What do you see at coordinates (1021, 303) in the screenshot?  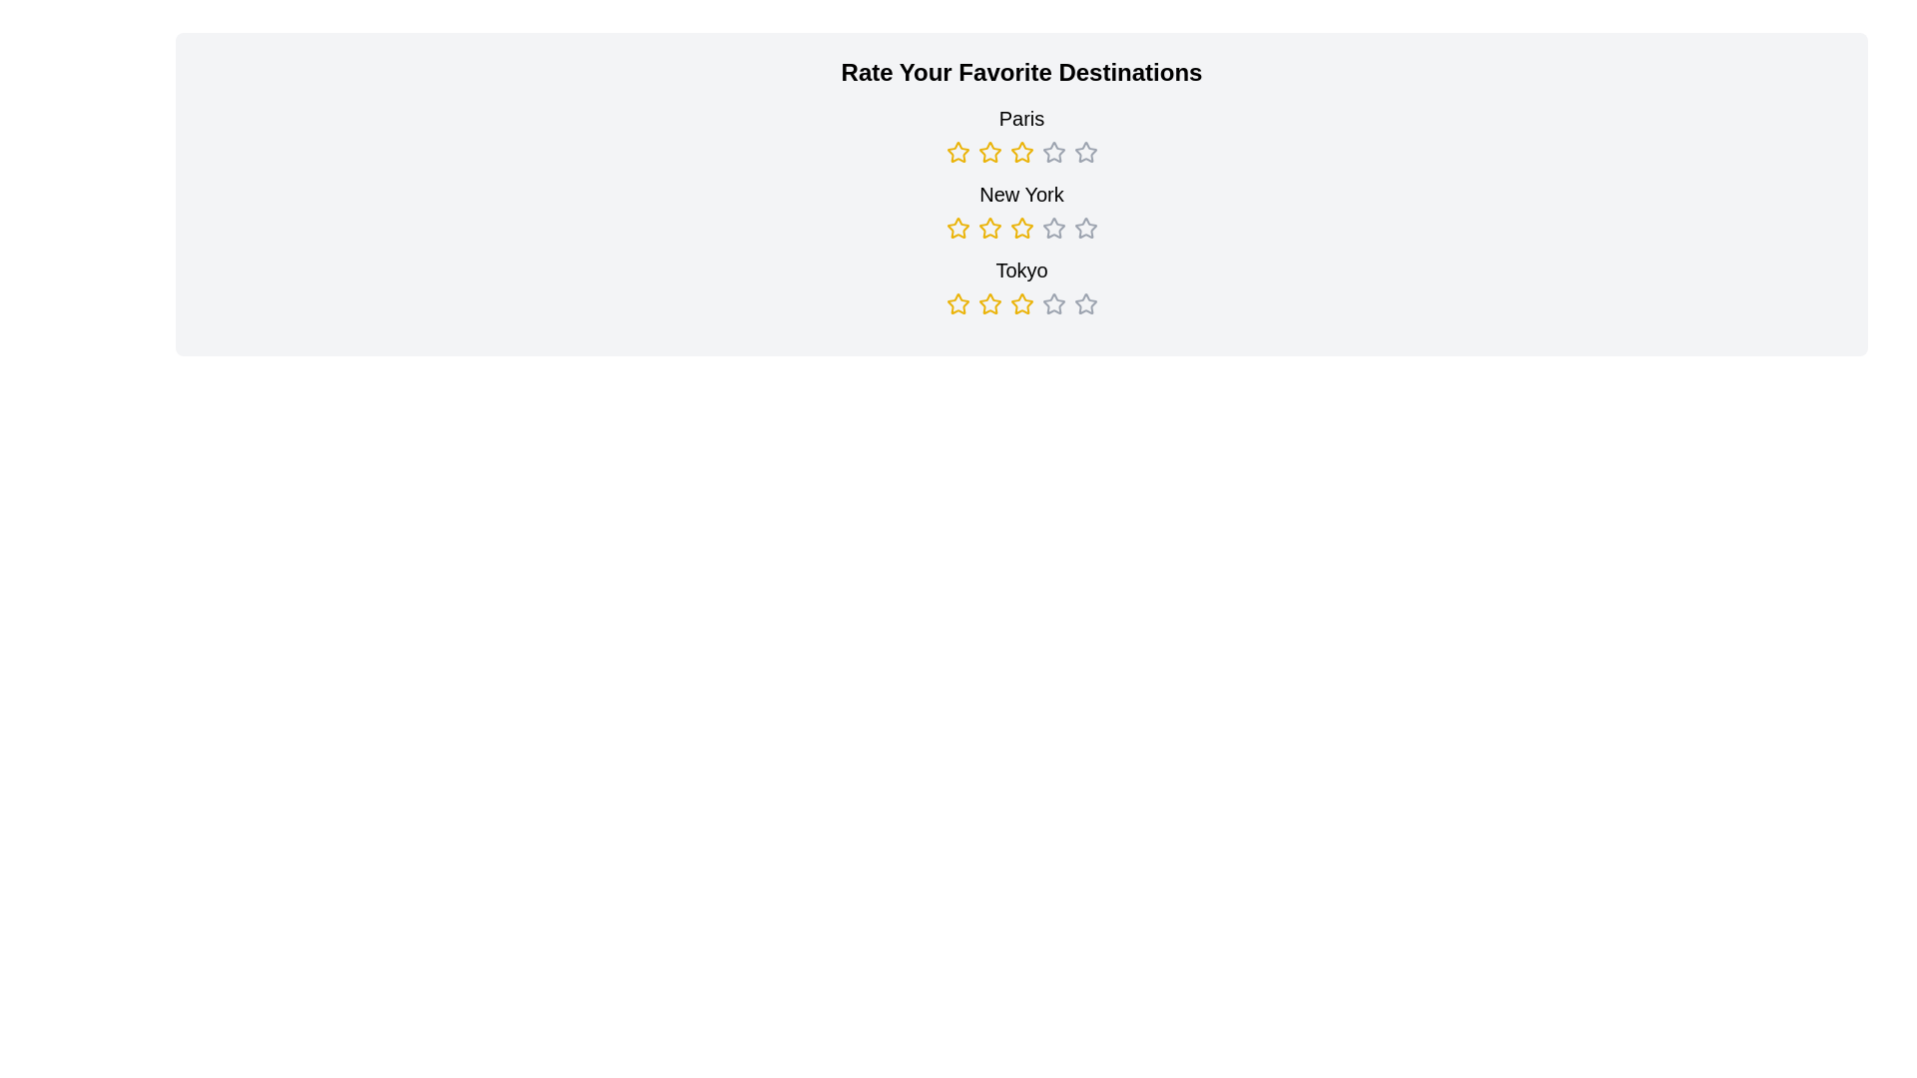 I see `the third Star Rating Component below the label 'Tokyo' to provide a rating` at bounding box center [1021, 303].